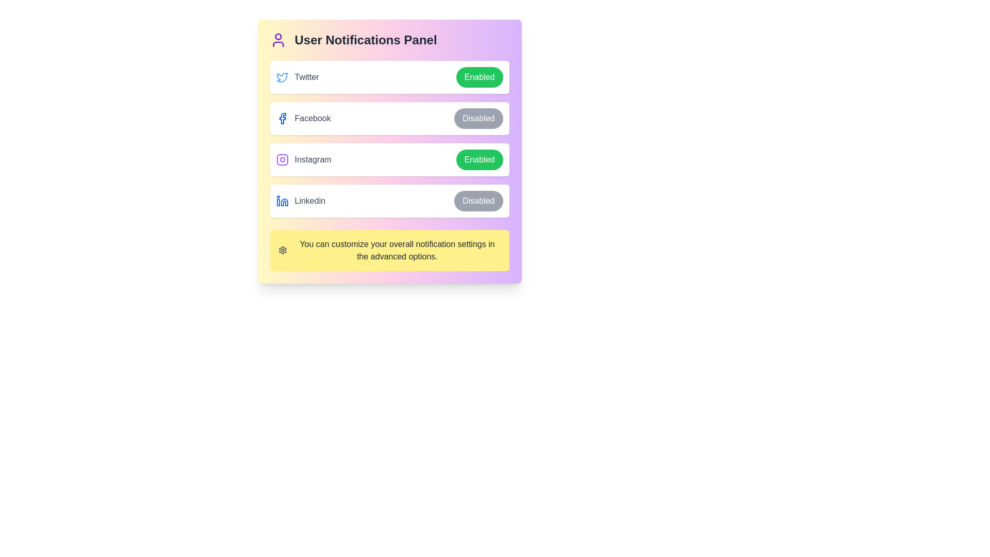 Image resolution: width=990 pixels, height=557 pixels. I want to click on the details of the LinkedIn logo icon located in the fourth row of social media platforms, positioned beside the 'LinkedIn' label and to the left of the 'Disabled' toggle switch, so click(284, 202).